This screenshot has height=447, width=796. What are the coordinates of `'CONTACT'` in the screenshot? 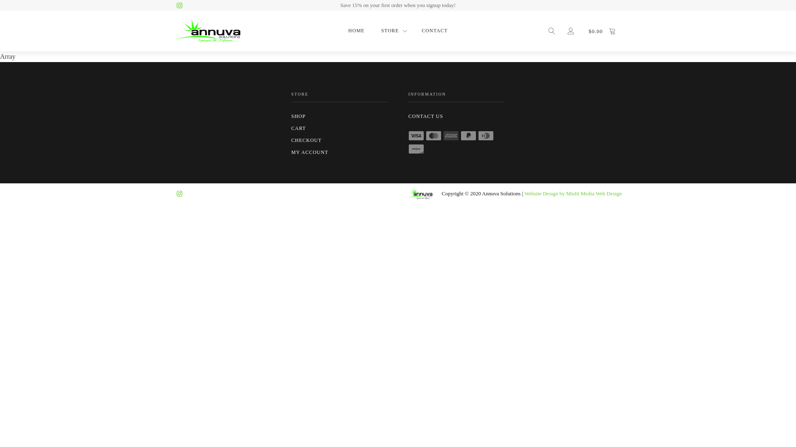 It's located at (434, 30).